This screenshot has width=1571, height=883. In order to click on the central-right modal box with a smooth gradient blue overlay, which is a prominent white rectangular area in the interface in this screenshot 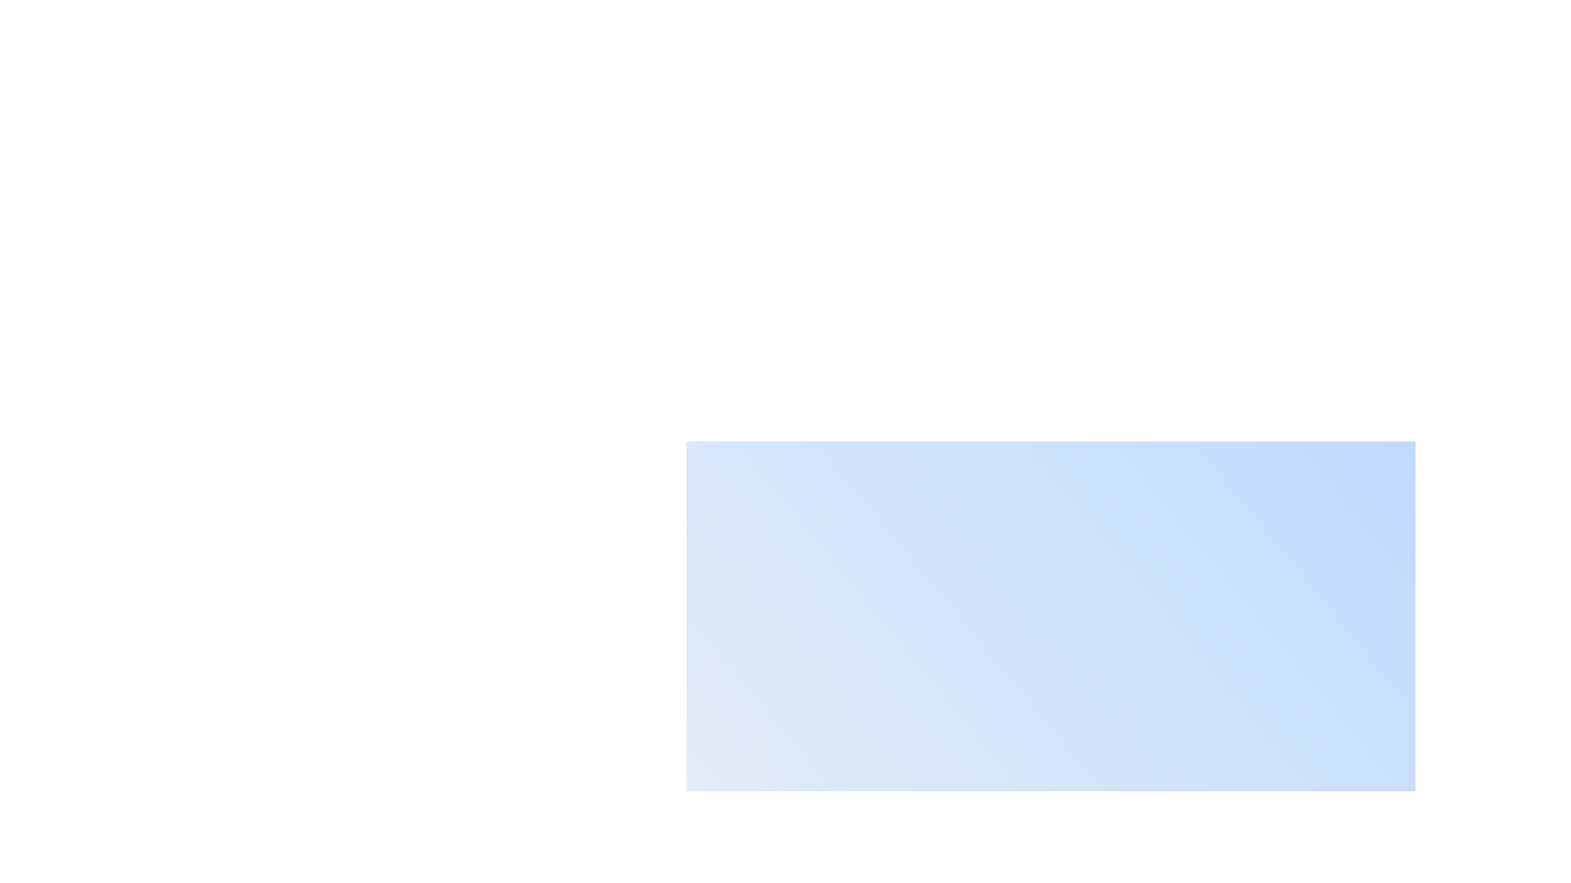, I will do `click(1051, 606)`.